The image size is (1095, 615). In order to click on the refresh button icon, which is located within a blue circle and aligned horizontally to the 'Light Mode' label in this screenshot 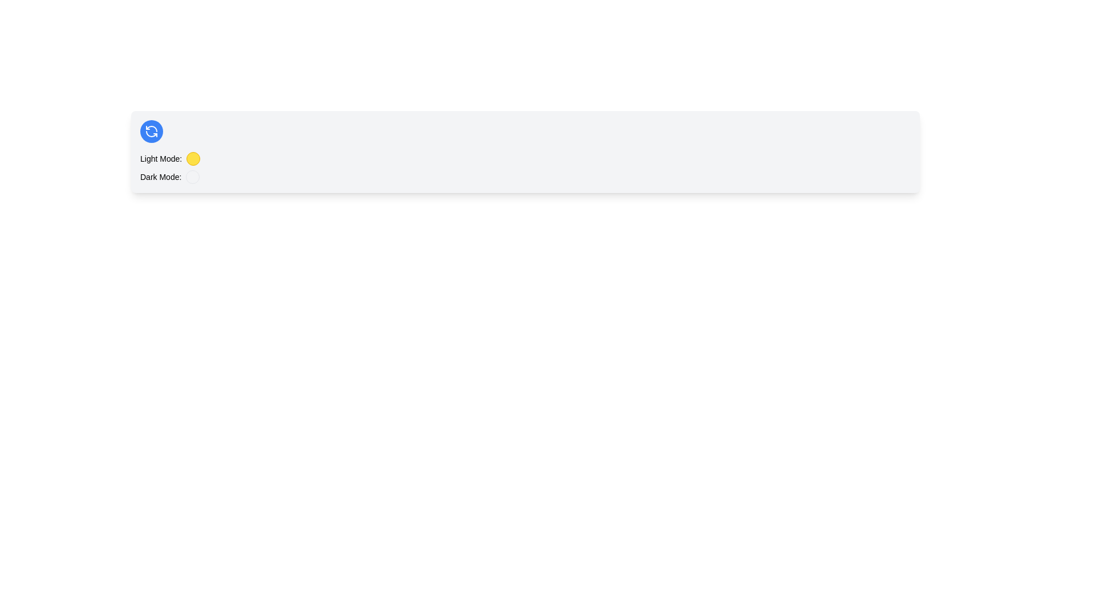, I will do `click(151, 131)`.